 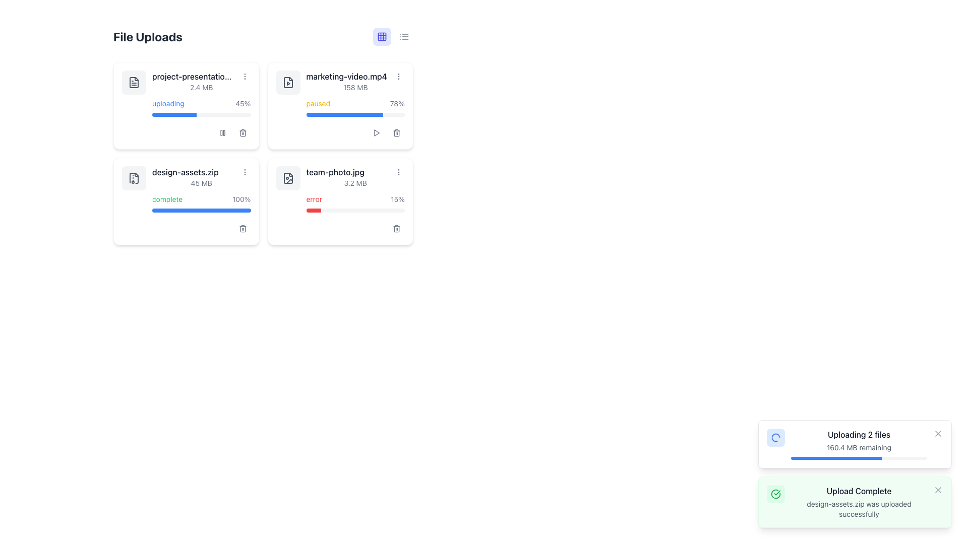 What do you see at coordinates (222, 132) in the screenshot?
I see `the pause button located in the bottom-right corner of the file upload progress card for 'project-presentation.pdf'` at bounding box center [222, 132].